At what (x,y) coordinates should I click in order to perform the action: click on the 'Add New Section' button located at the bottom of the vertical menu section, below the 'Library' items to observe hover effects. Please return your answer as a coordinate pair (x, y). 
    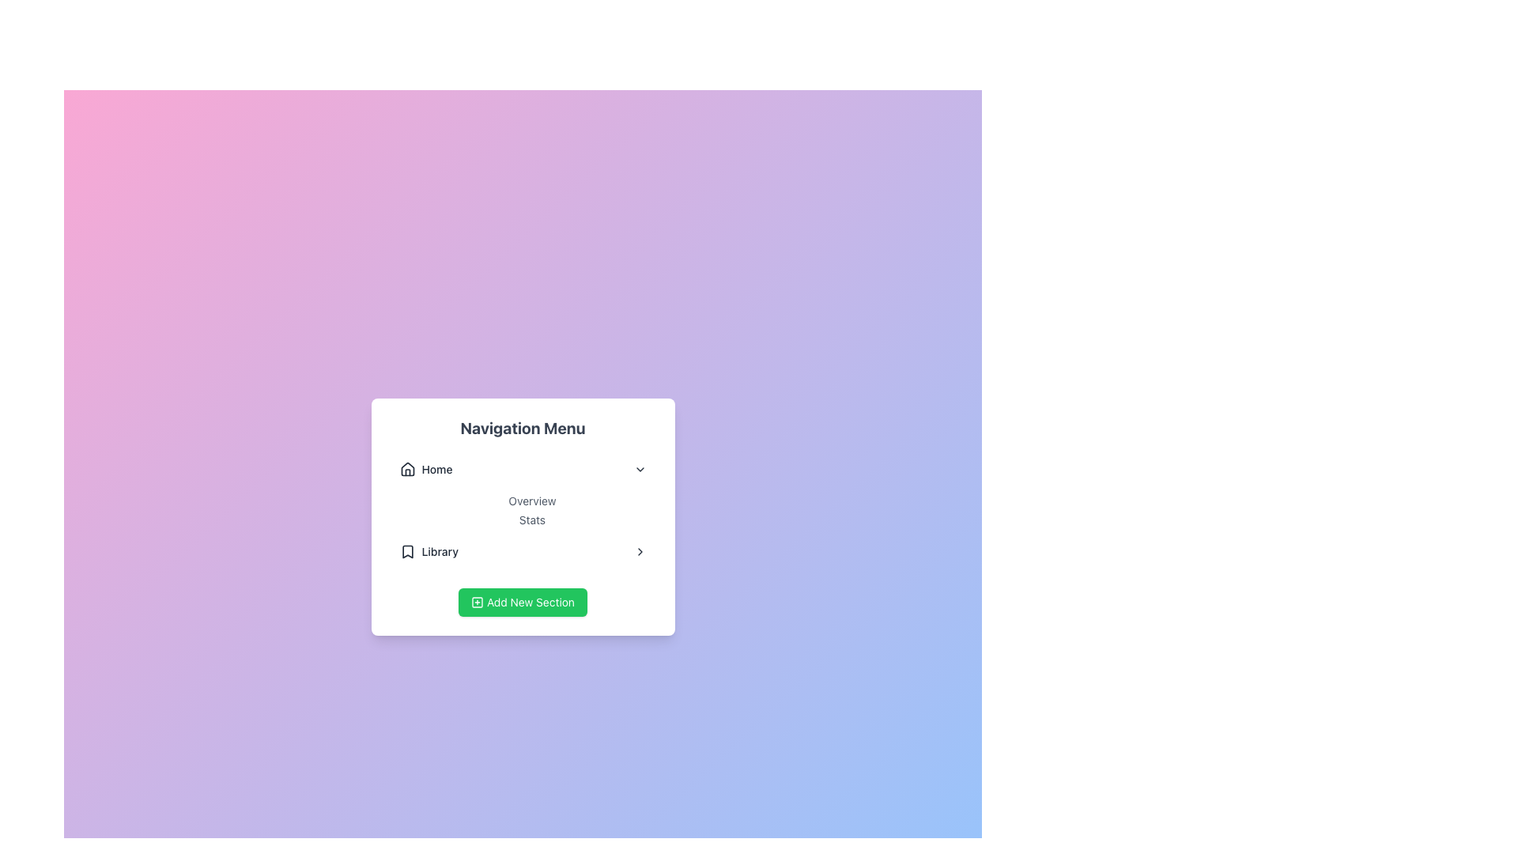
    Looking at the image, I should click on (523, 595).